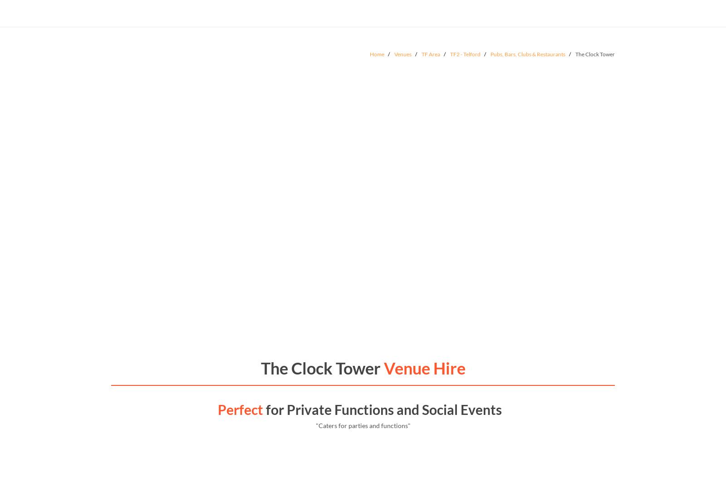 This screenshot has width=726, height=478. I want to click on 'The Woolpack', so click(156, 257).